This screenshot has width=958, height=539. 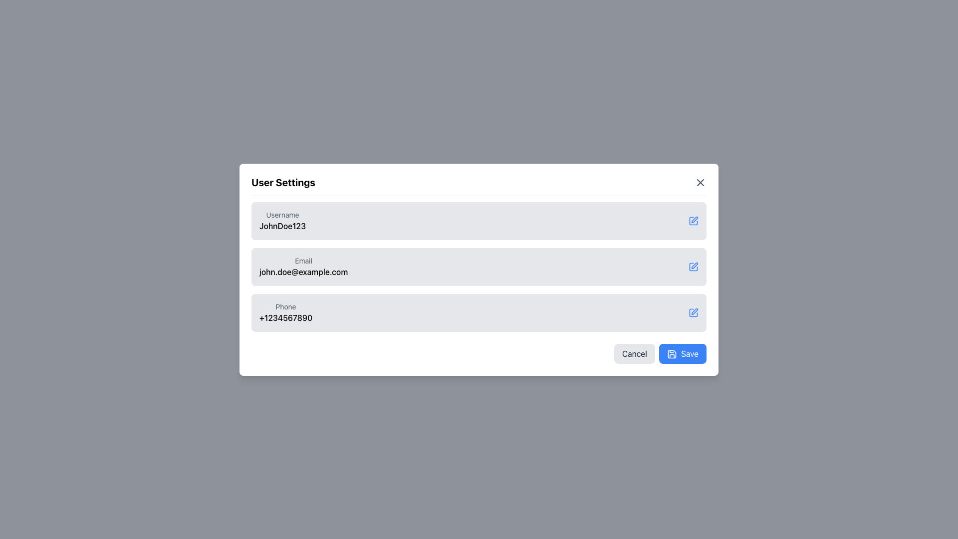 What do you see at coordinates (634, 353) in the screenshot?
I see `the cancel button located in the bottom-right section of the modal to exit without saving changes` at bounding box center [634, 353].